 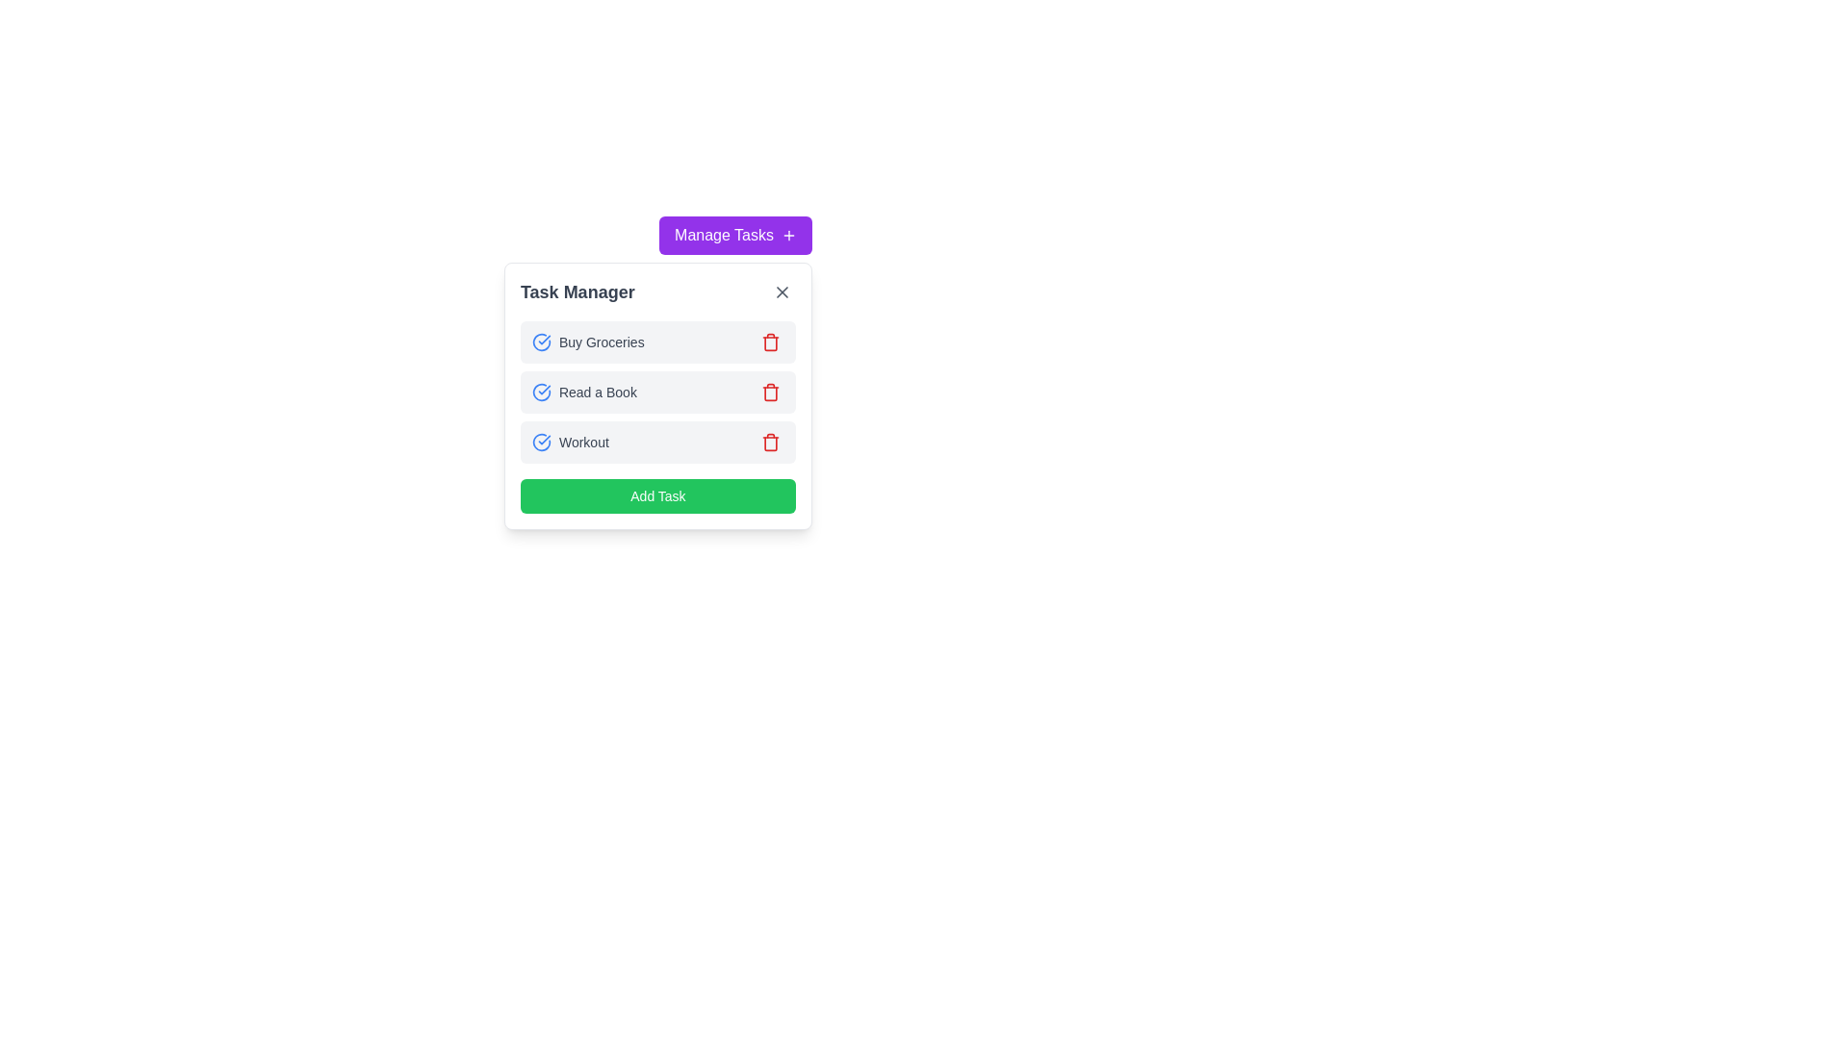 What do you see at coordinates (789, 235) in the screenshot?
I see `the icon located beside the 'Manage Tasks' text` at bounding box center [789, 235].